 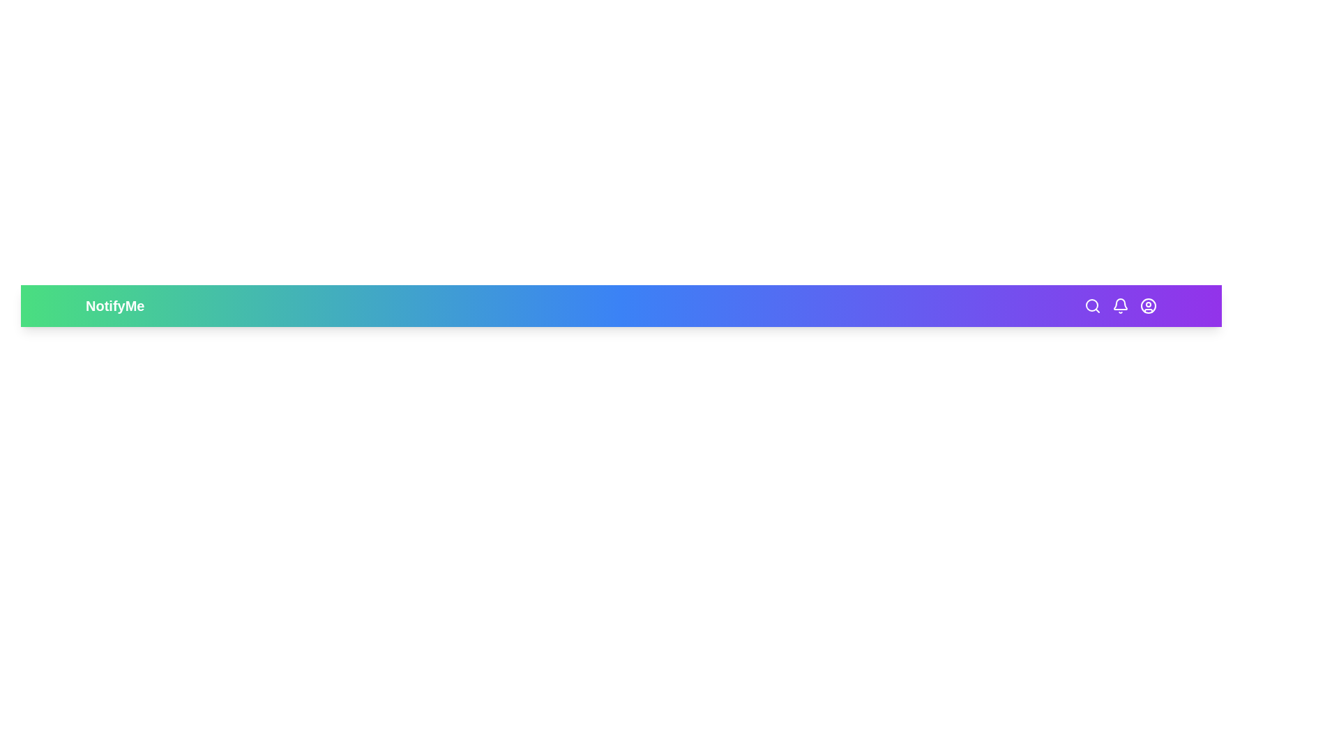 What do you see at coordinates (1148, 305) in the screenshot?
I see `the user icon to access user settings` at bounding box center [1148, 305].